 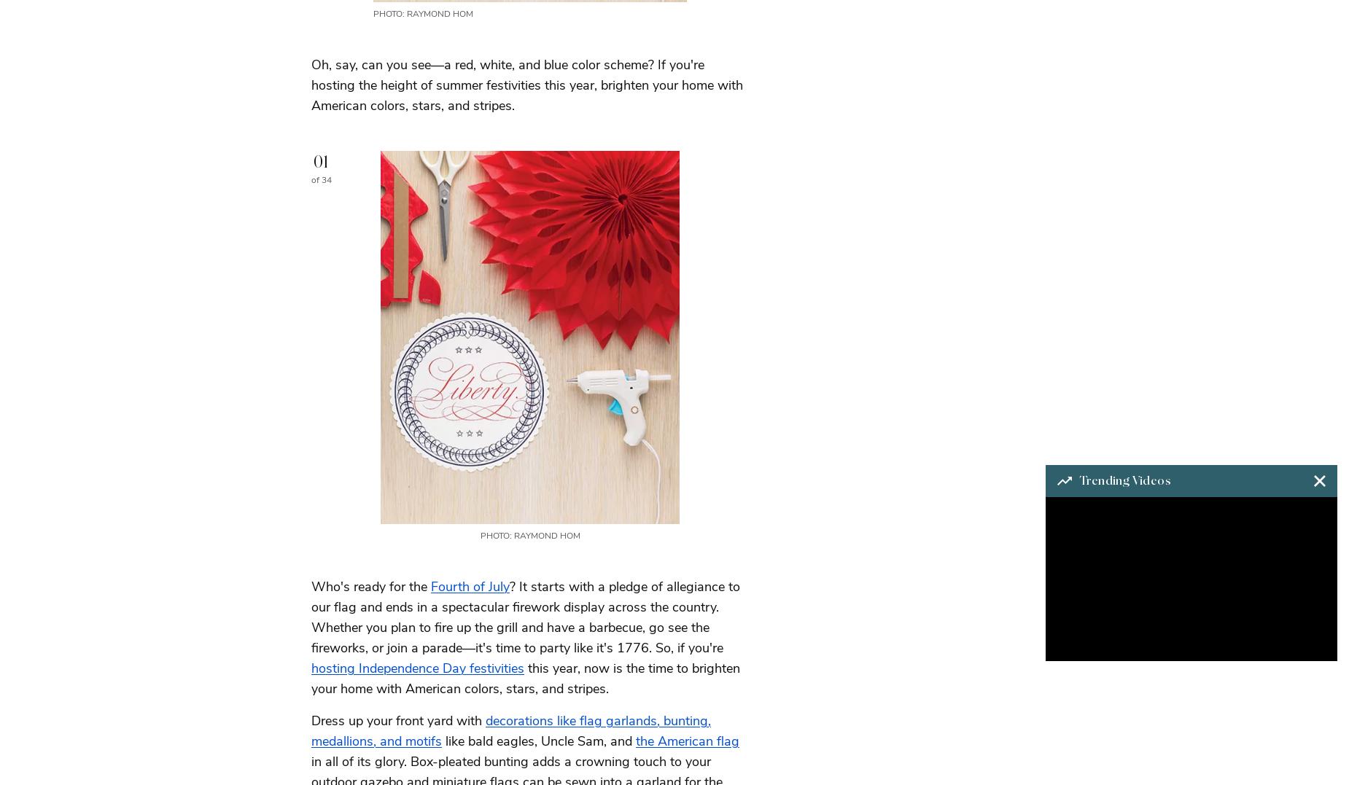 I want to click on 'like bald eagles, Uncle Sam, and', so click(x=539, y=740).